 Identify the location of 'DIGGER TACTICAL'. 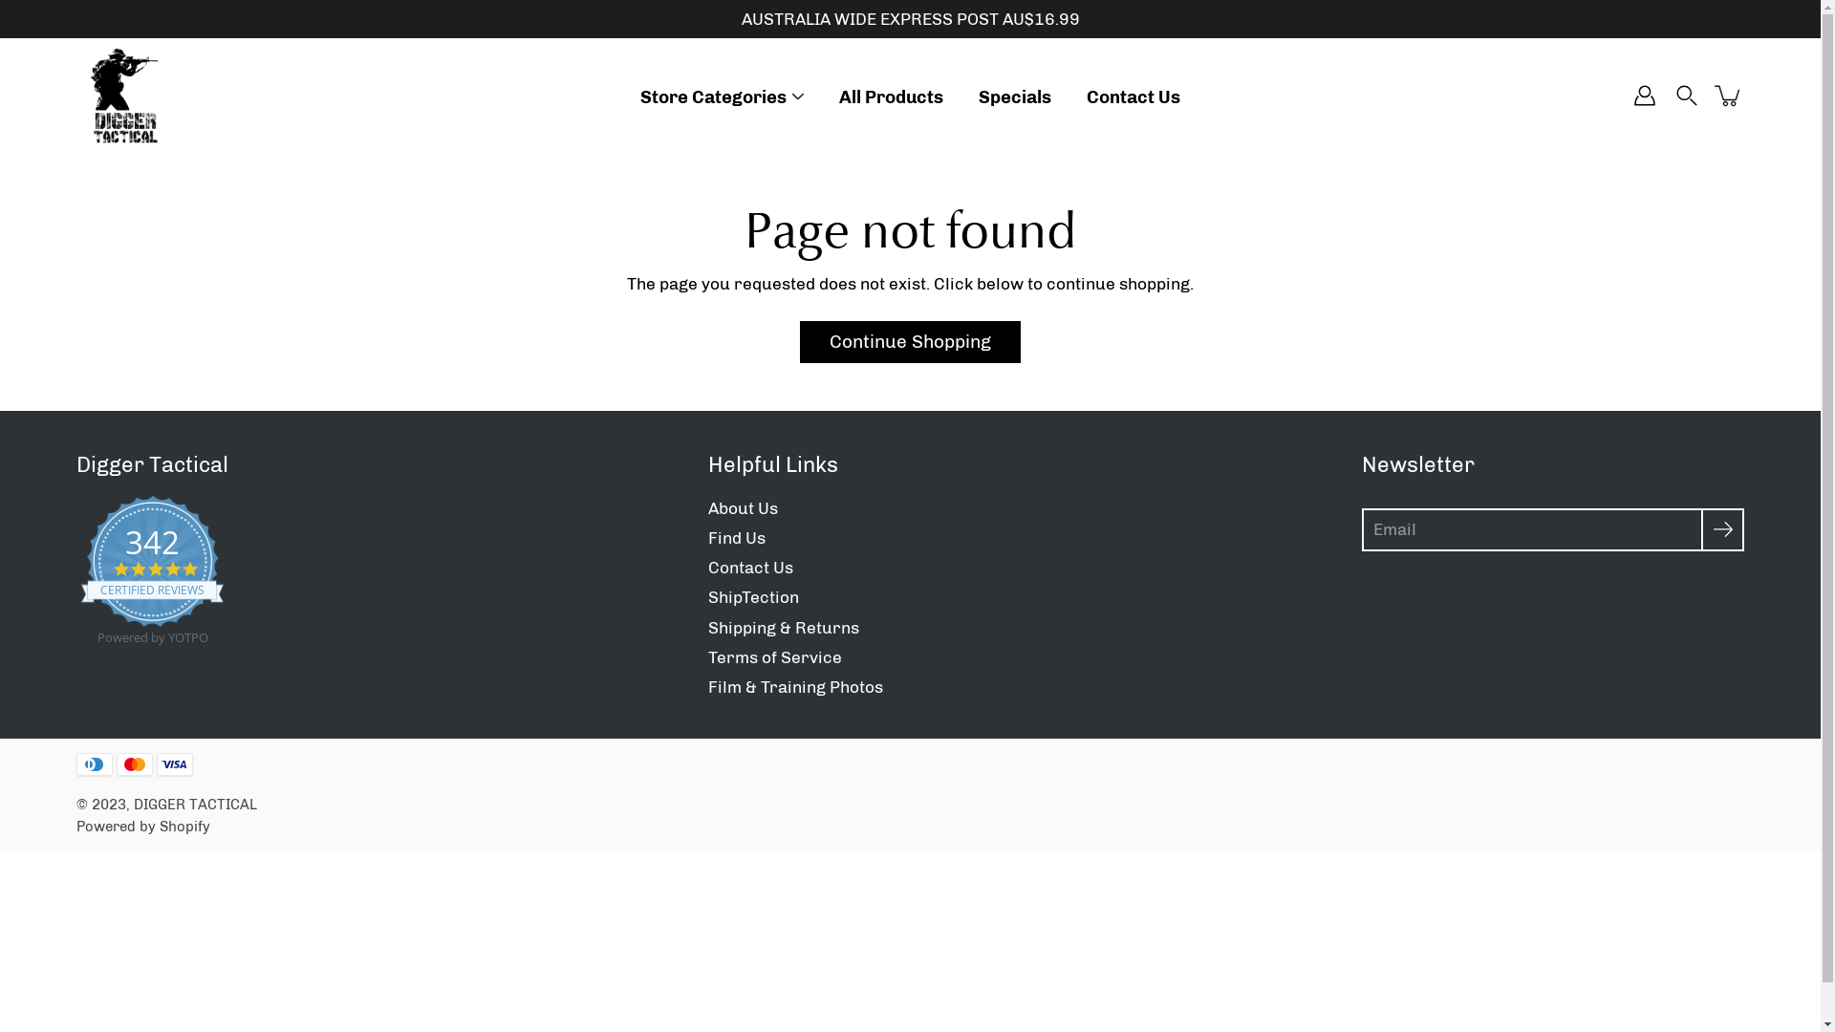
(195, 804).